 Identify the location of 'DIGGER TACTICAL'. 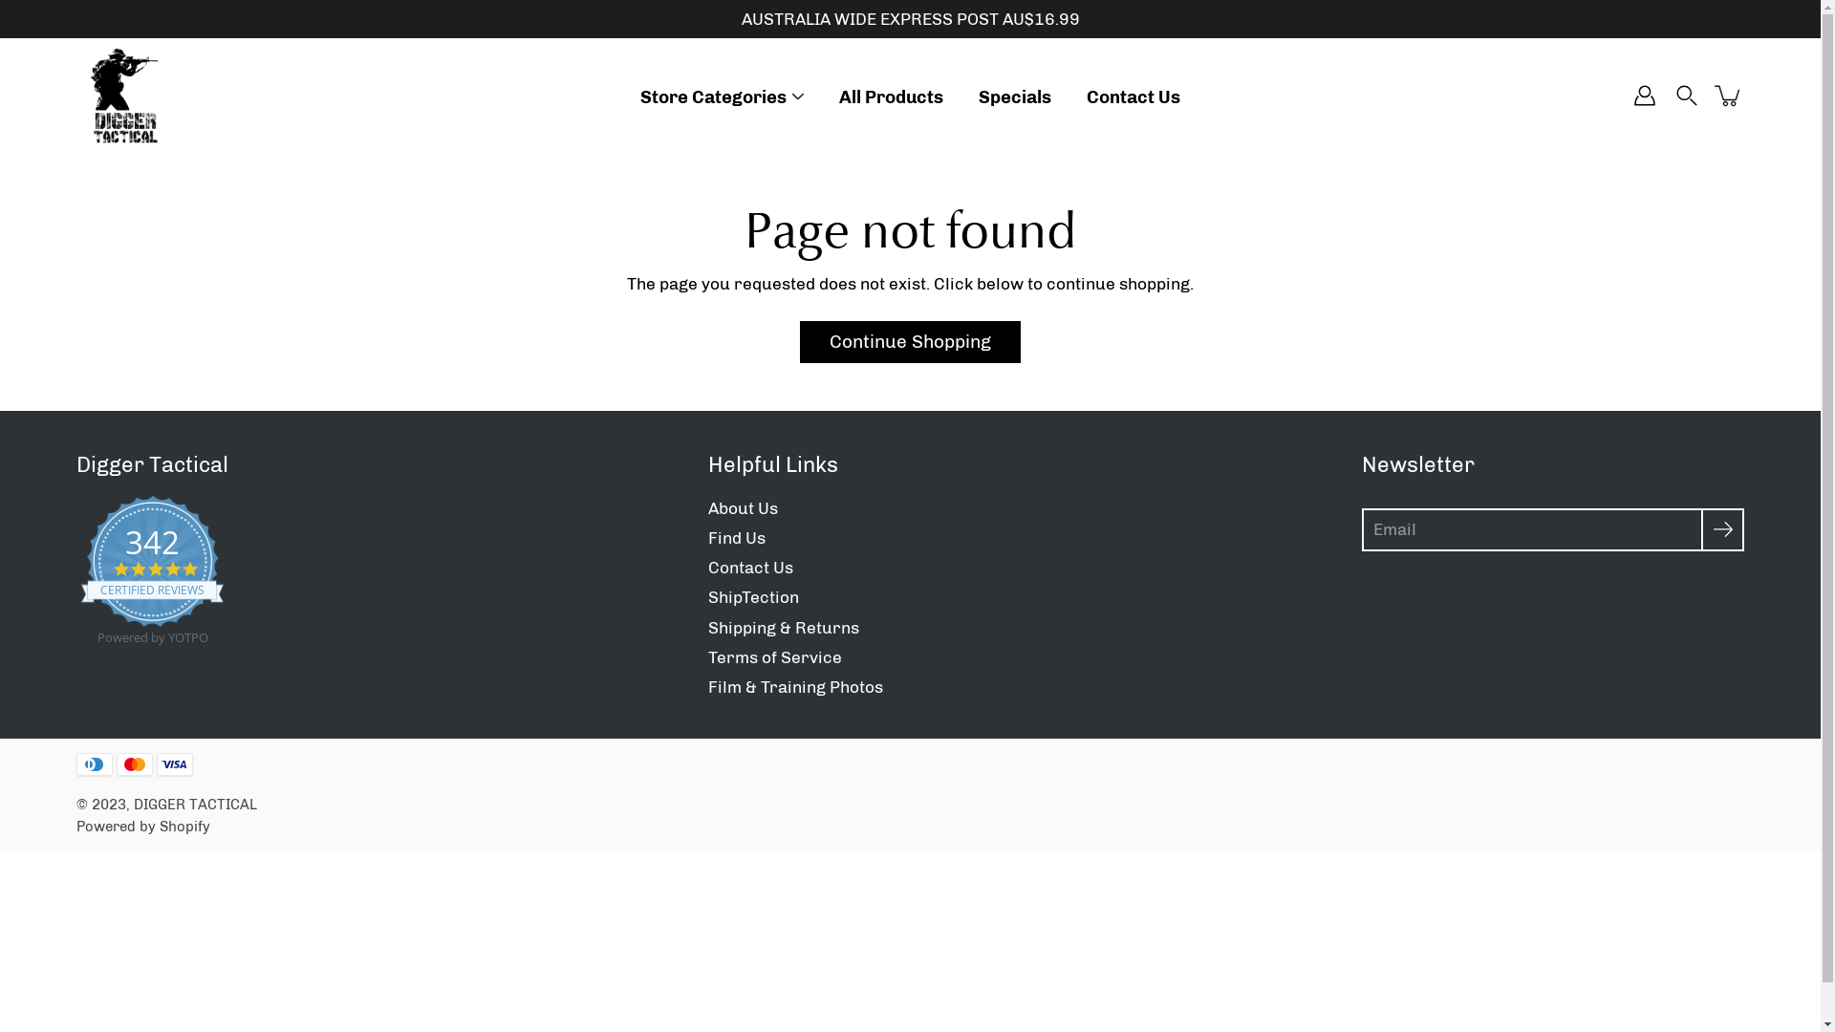
(195, 804).